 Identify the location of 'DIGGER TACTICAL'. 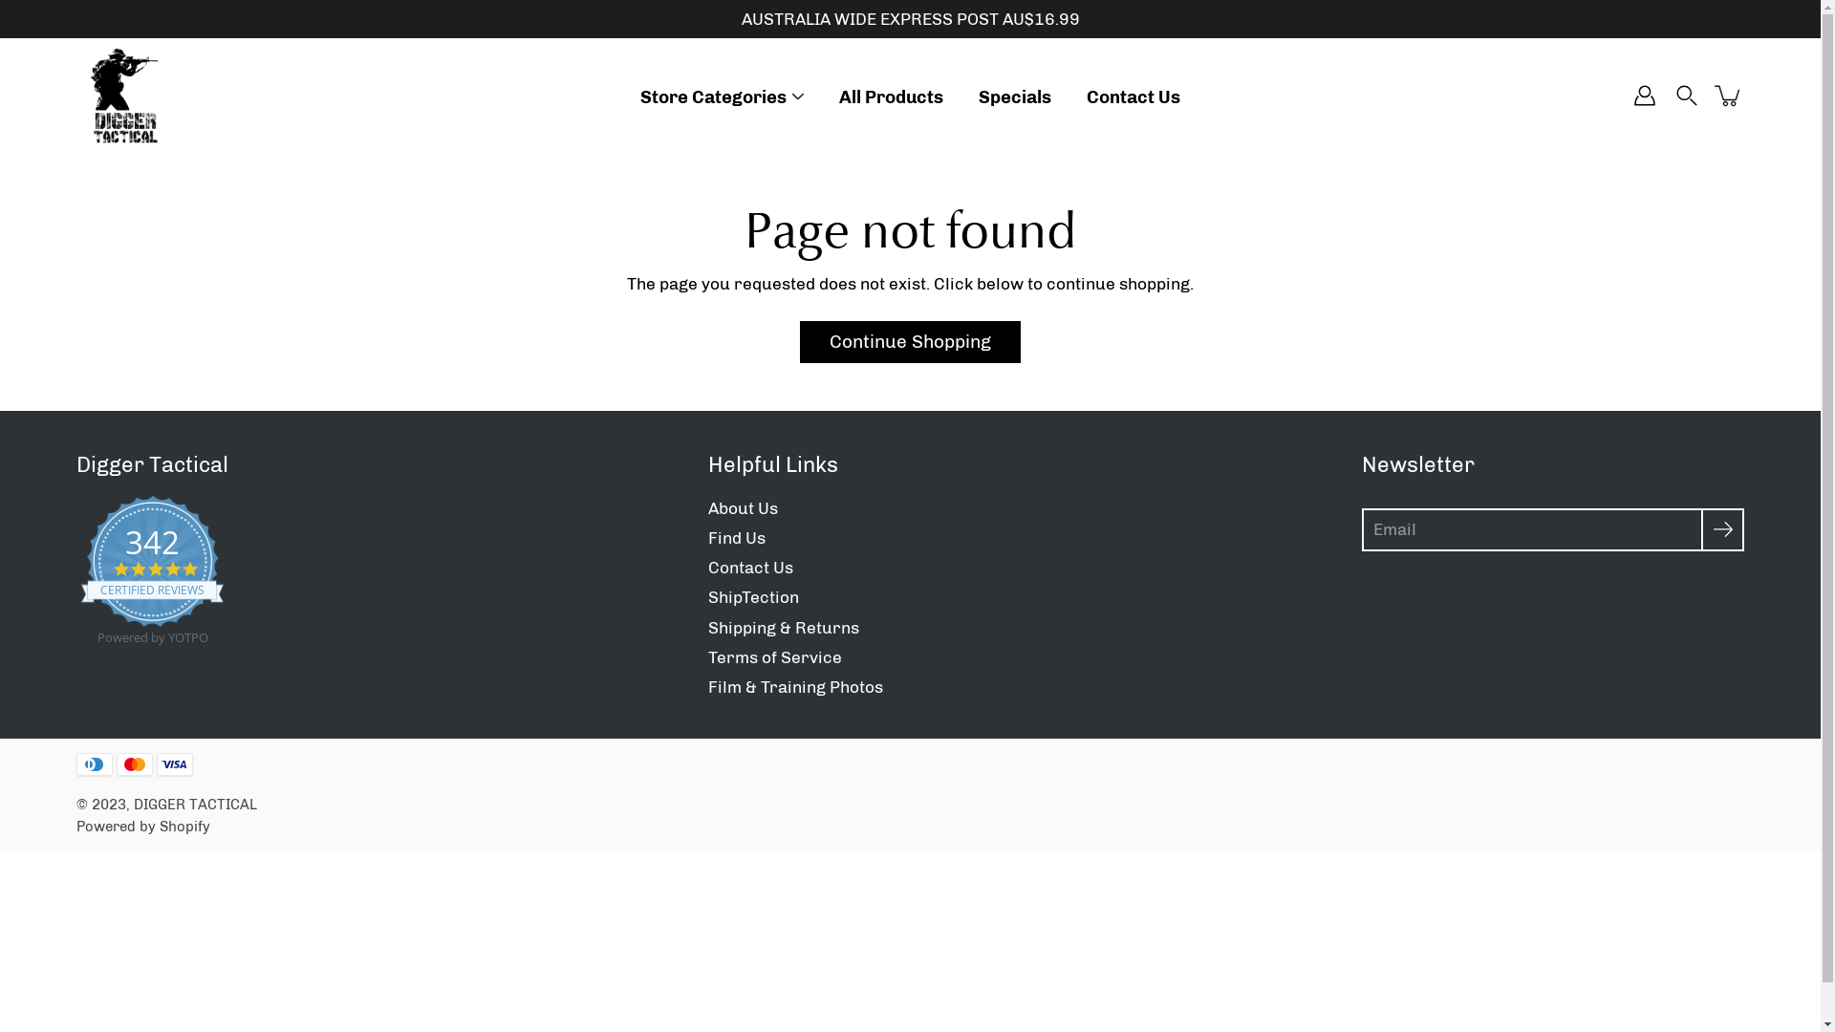
(195, 804).